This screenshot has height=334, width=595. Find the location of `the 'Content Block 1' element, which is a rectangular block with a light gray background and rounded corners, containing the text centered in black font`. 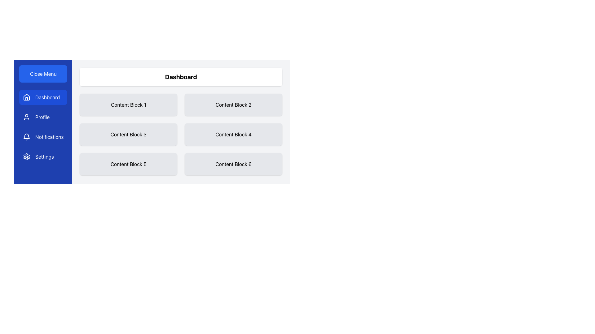

the 'Content Block 1' element, which is a rectangular block with a light gray background and rounded corners, containing the text centered in black font is located at coordinates (128, 105).